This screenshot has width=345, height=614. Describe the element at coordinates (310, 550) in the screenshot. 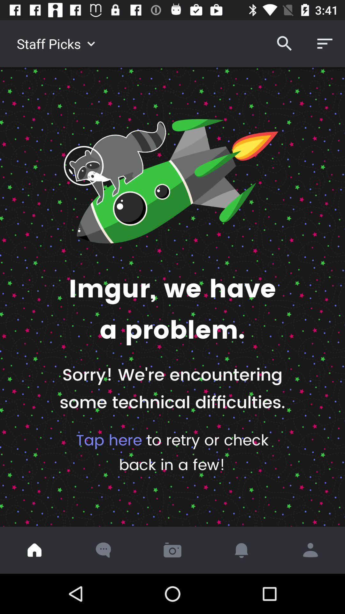

I see `the icon below the tap here to icon` at that location.